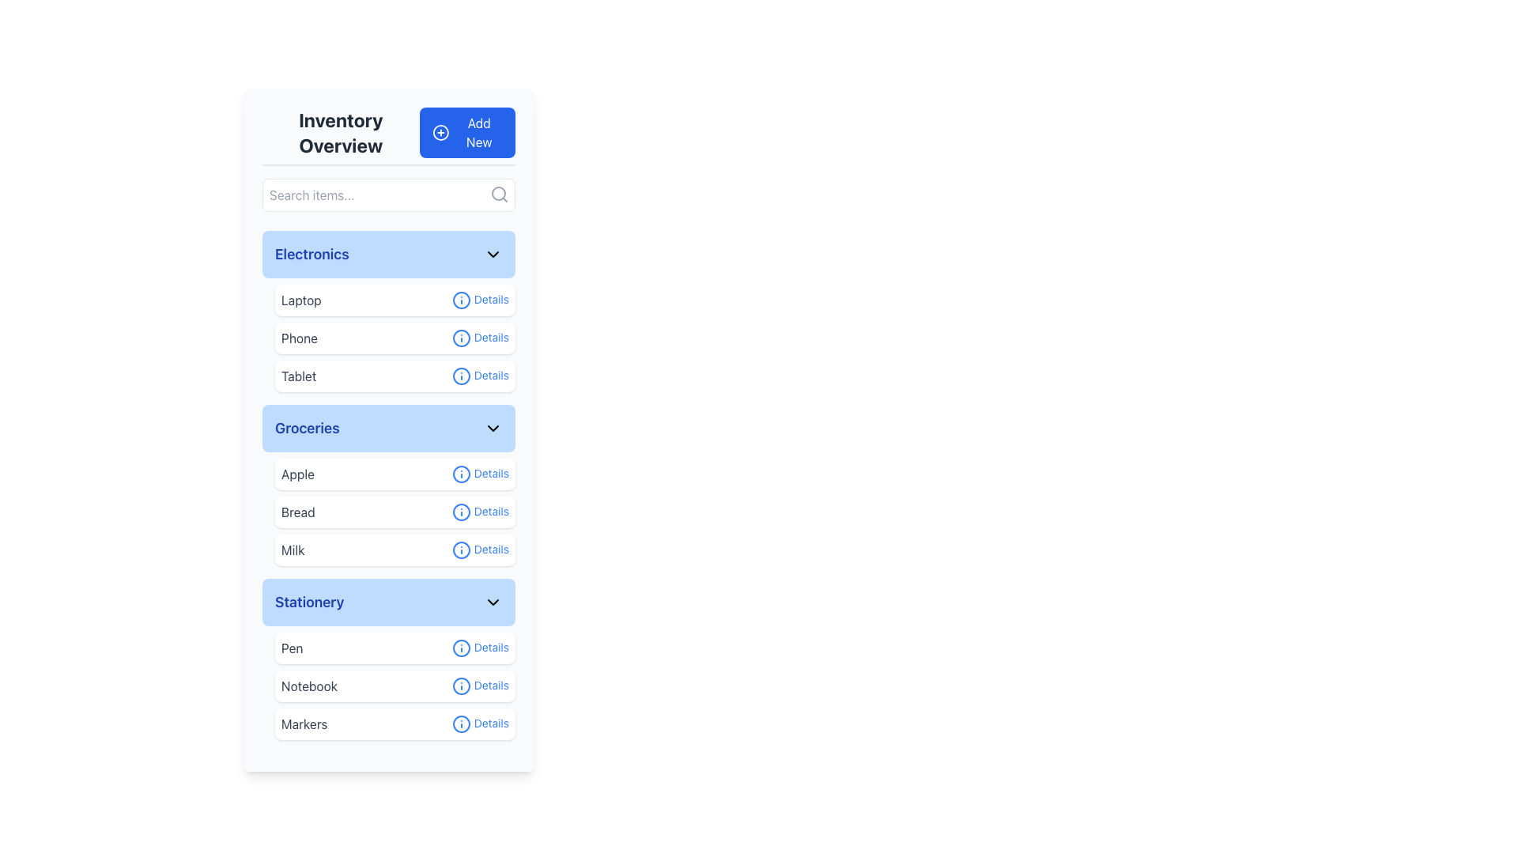 The image size is (1518, 854). Describe the element at coordinates (493, 429) in the screenshot. I see `the Dropdown indicator icon located in the right portion of the 'Groceries' section header` at that location.